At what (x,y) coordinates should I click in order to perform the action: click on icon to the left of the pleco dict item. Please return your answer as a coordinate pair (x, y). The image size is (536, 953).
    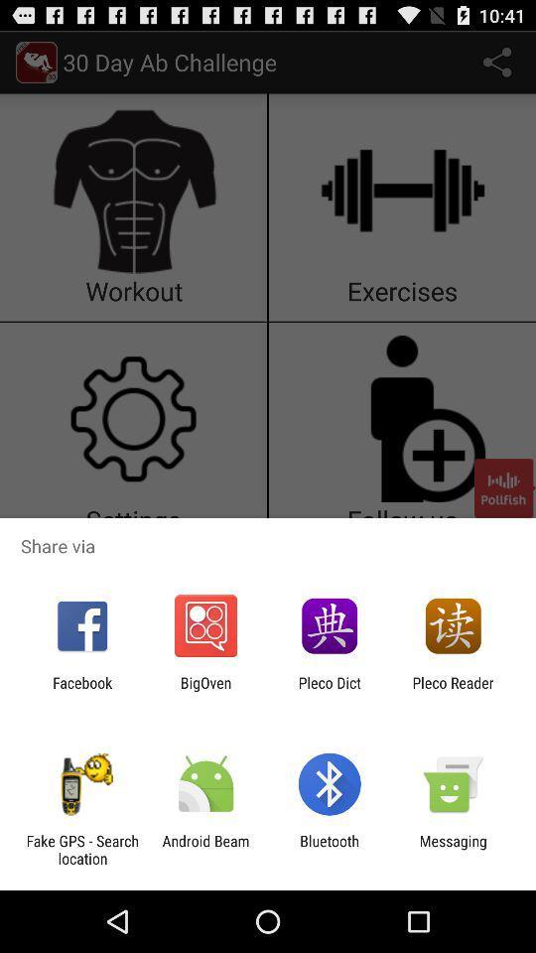
    Looking at the image, I should click on (204, 691).